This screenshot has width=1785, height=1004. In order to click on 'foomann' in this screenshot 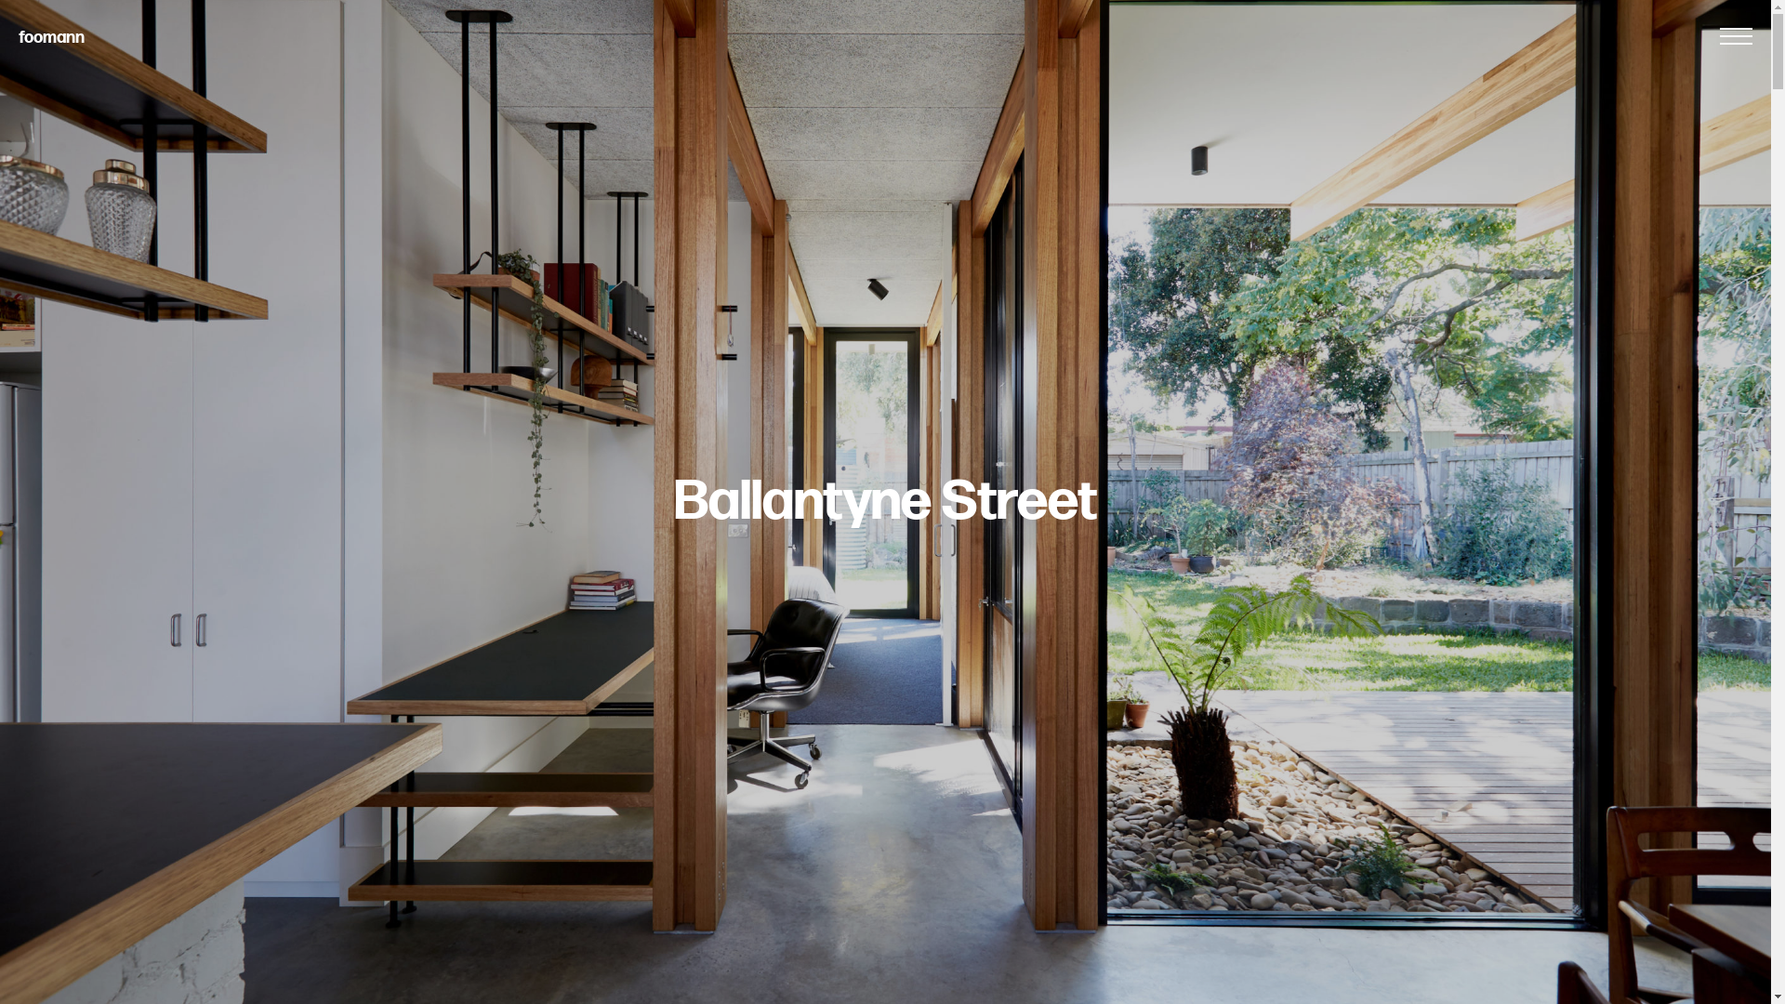, I will do `click(51, 37)`.